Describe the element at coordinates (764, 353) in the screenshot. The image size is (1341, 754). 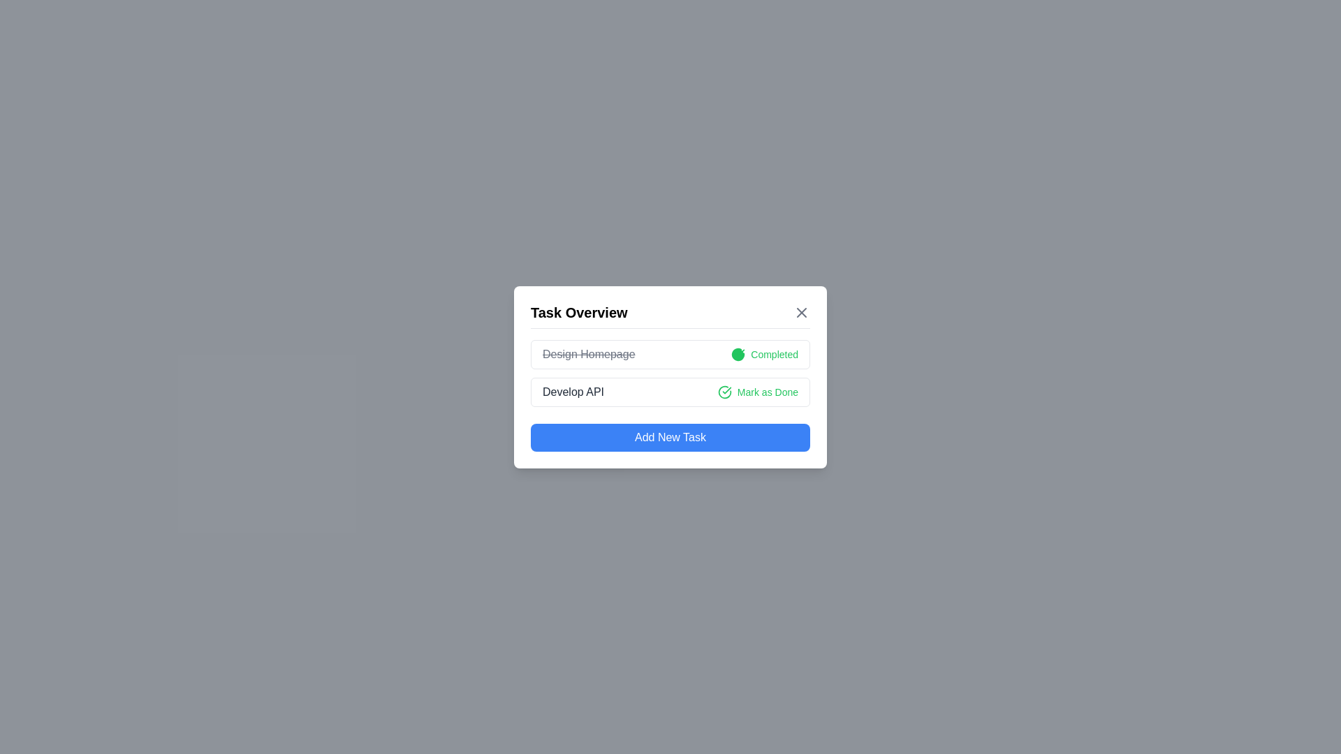
I see `the text label indicating the completion status of a task, which is horizontally aligned to the right of the 'Design Homepage' text` at that location.